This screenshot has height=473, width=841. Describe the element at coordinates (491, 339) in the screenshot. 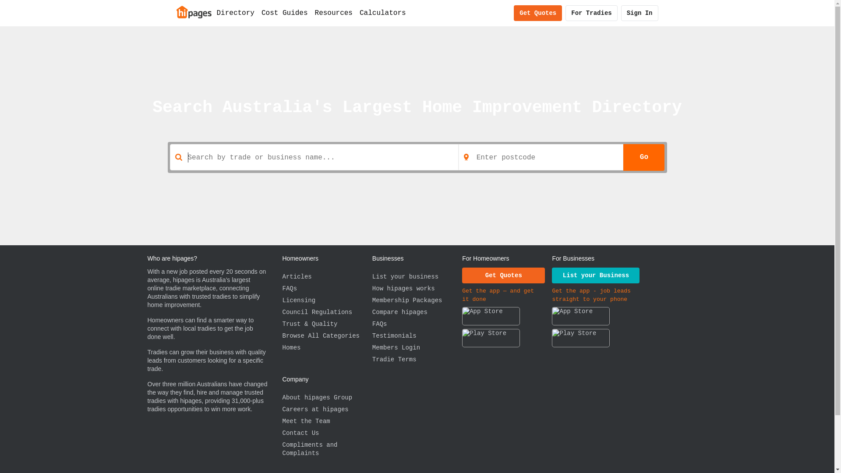

I see `'Download the hipages app on Google Play'` at that location.